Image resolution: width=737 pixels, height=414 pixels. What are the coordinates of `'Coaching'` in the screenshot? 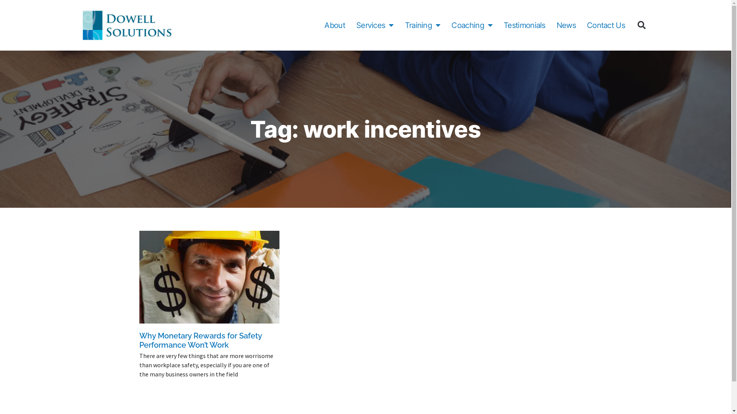 It's located at (471, 25).